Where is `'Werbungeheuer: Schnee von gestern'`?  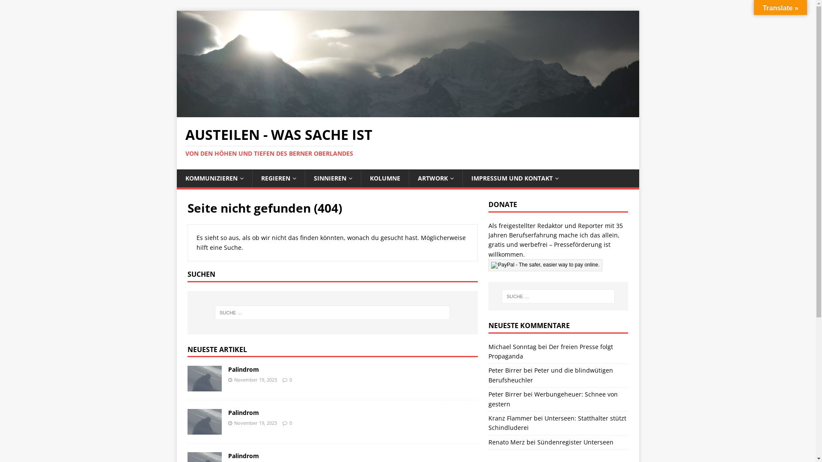
'Werbungeheuer: Schnee von gestern' is located at coordinates (553, 399).